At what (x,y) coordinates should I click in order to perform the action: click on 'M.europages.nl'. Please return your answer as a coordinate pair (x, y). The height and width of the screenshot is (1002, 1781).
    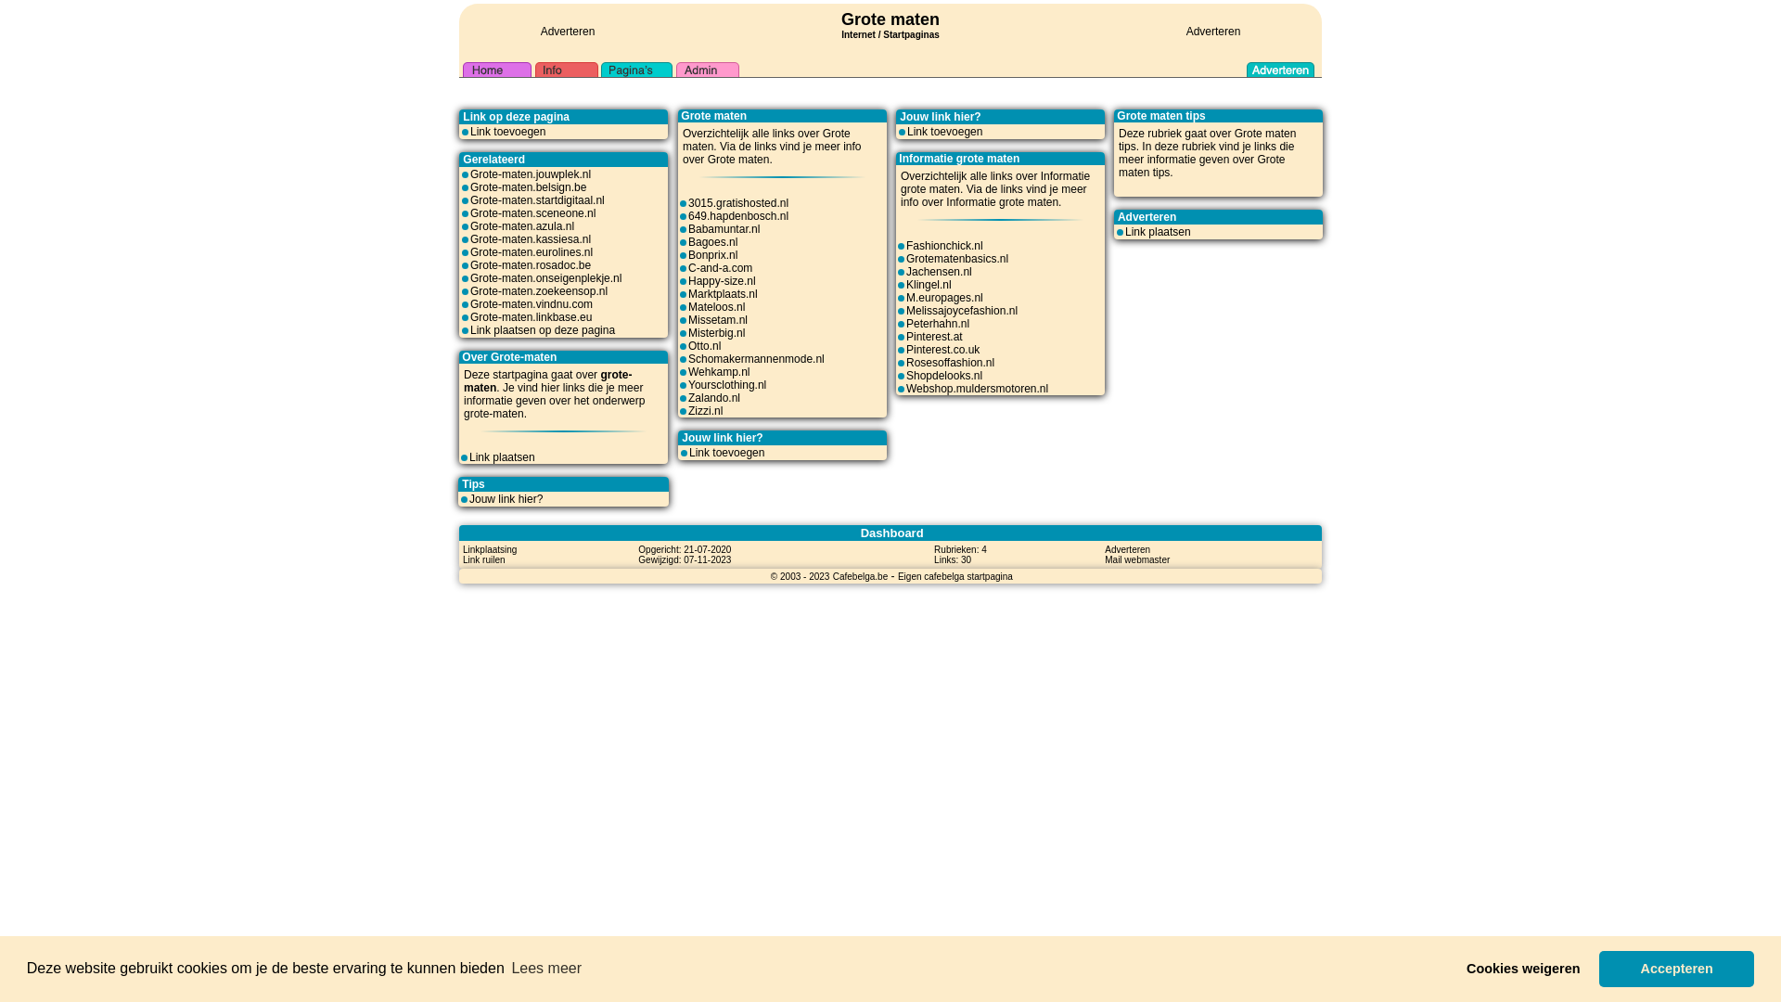
    Looking at the image, I should click on (906, 296).